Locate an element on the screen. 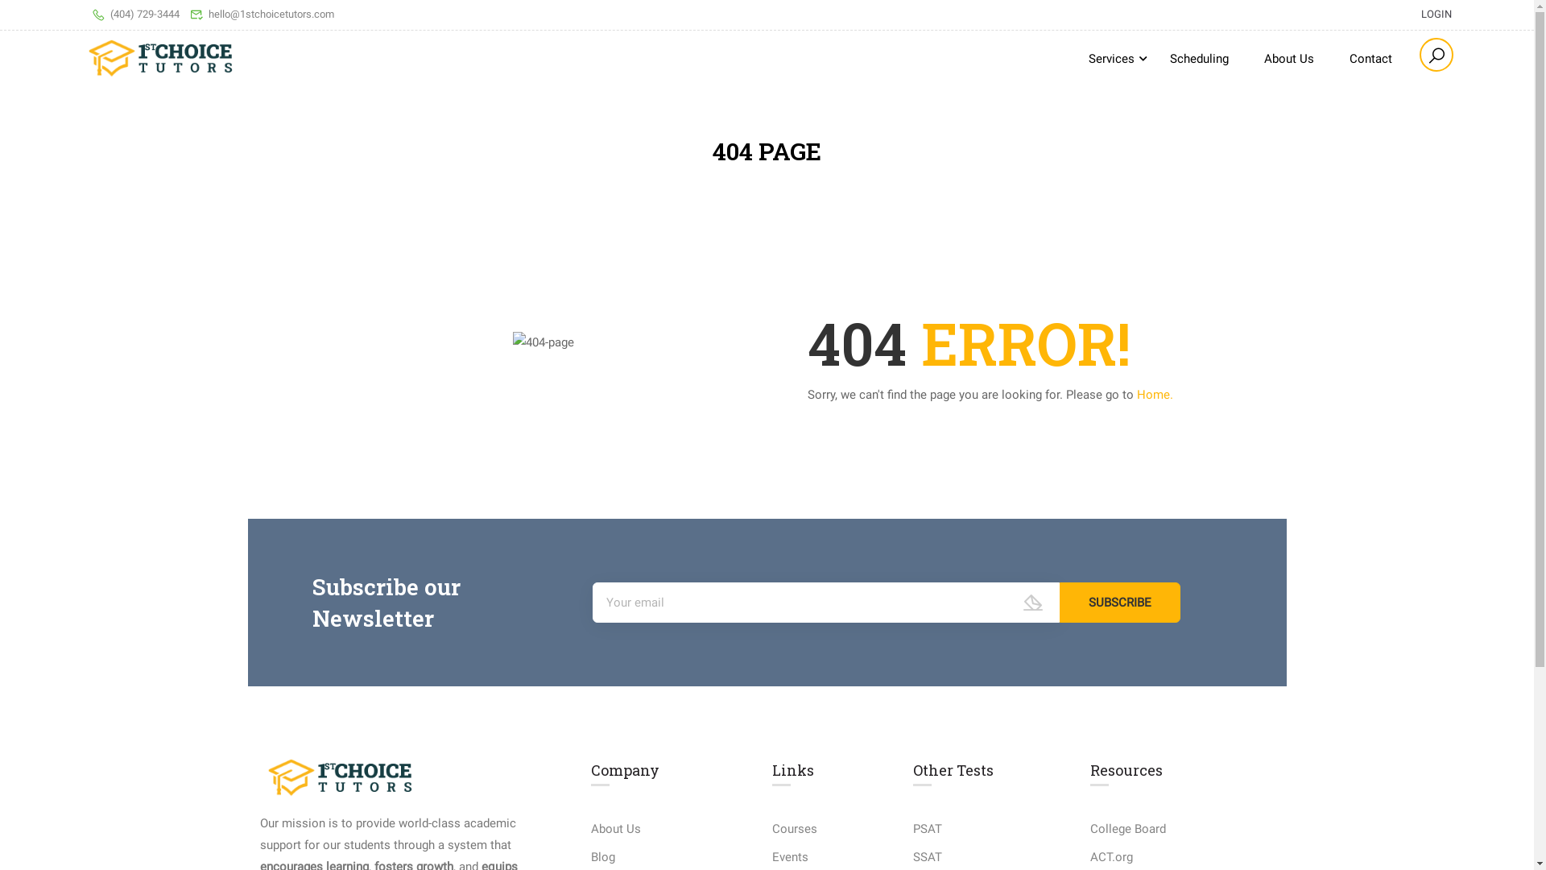  'Login' is located at coordinates (737, 464).